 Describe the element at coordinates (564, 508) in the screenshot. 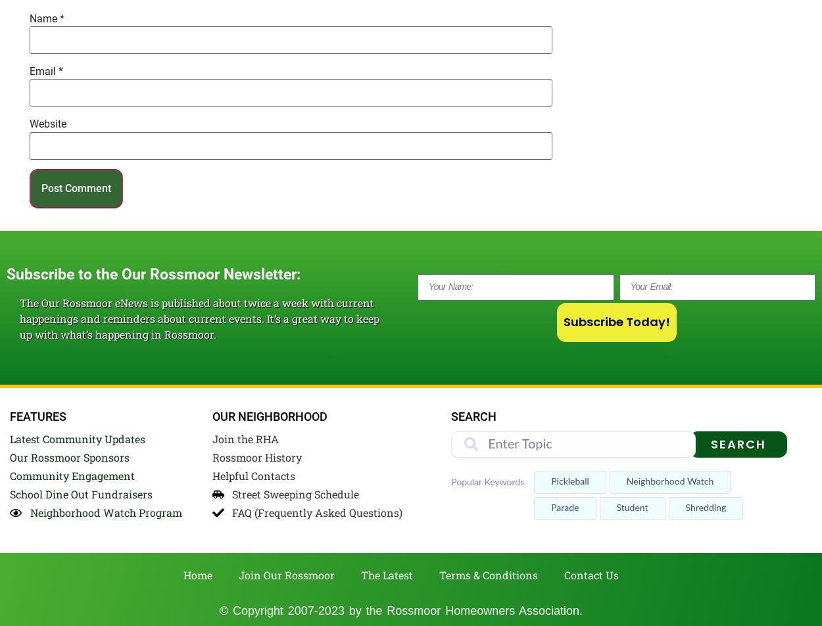

I see `'Parade'` at that location.